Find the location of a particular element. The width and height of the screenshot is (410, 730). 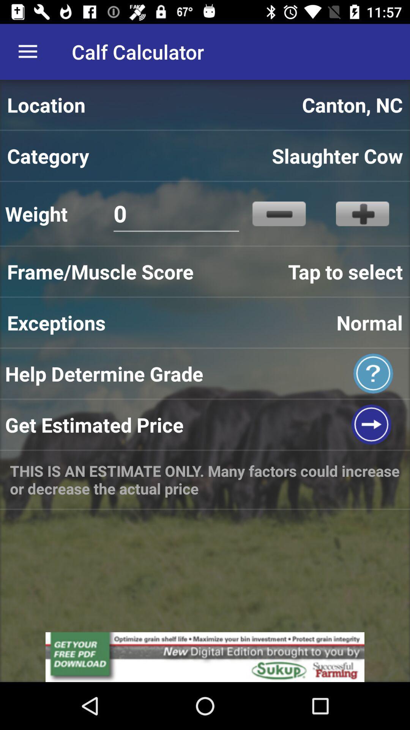

decrease weight value is located at coordinates (279, 213).